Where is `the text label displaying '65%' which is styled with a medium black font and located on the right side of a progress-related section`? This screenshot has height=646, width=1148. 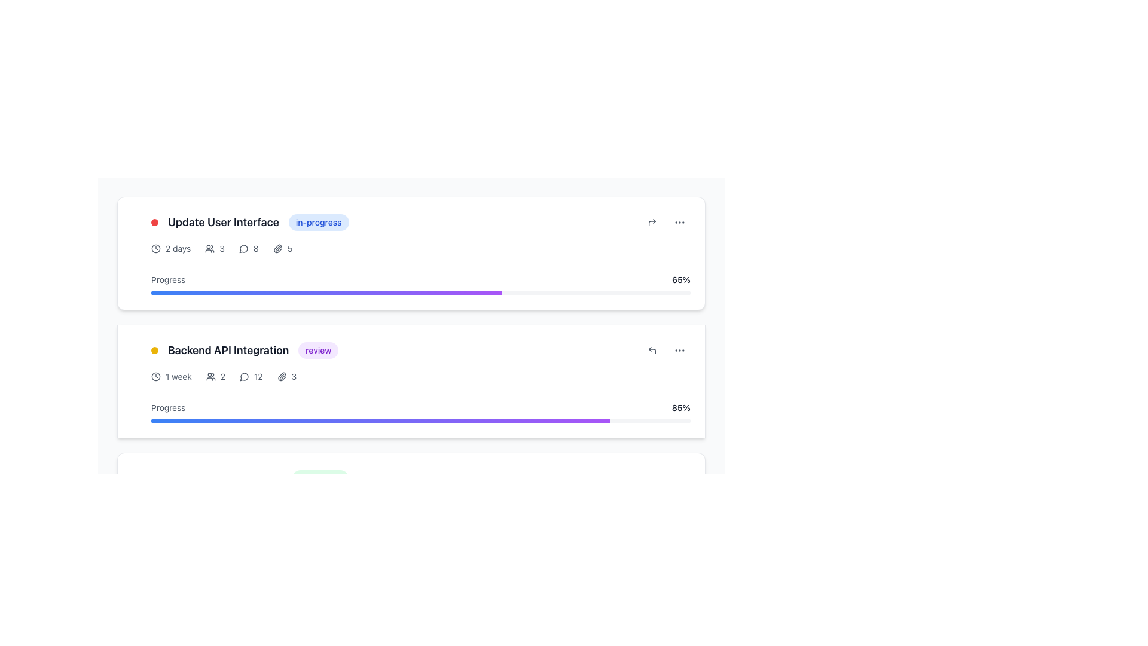 the text label displaying '65%' which is styled with a medium black font and located on the right side of a progress-related section is located at coordinates (681, 279).